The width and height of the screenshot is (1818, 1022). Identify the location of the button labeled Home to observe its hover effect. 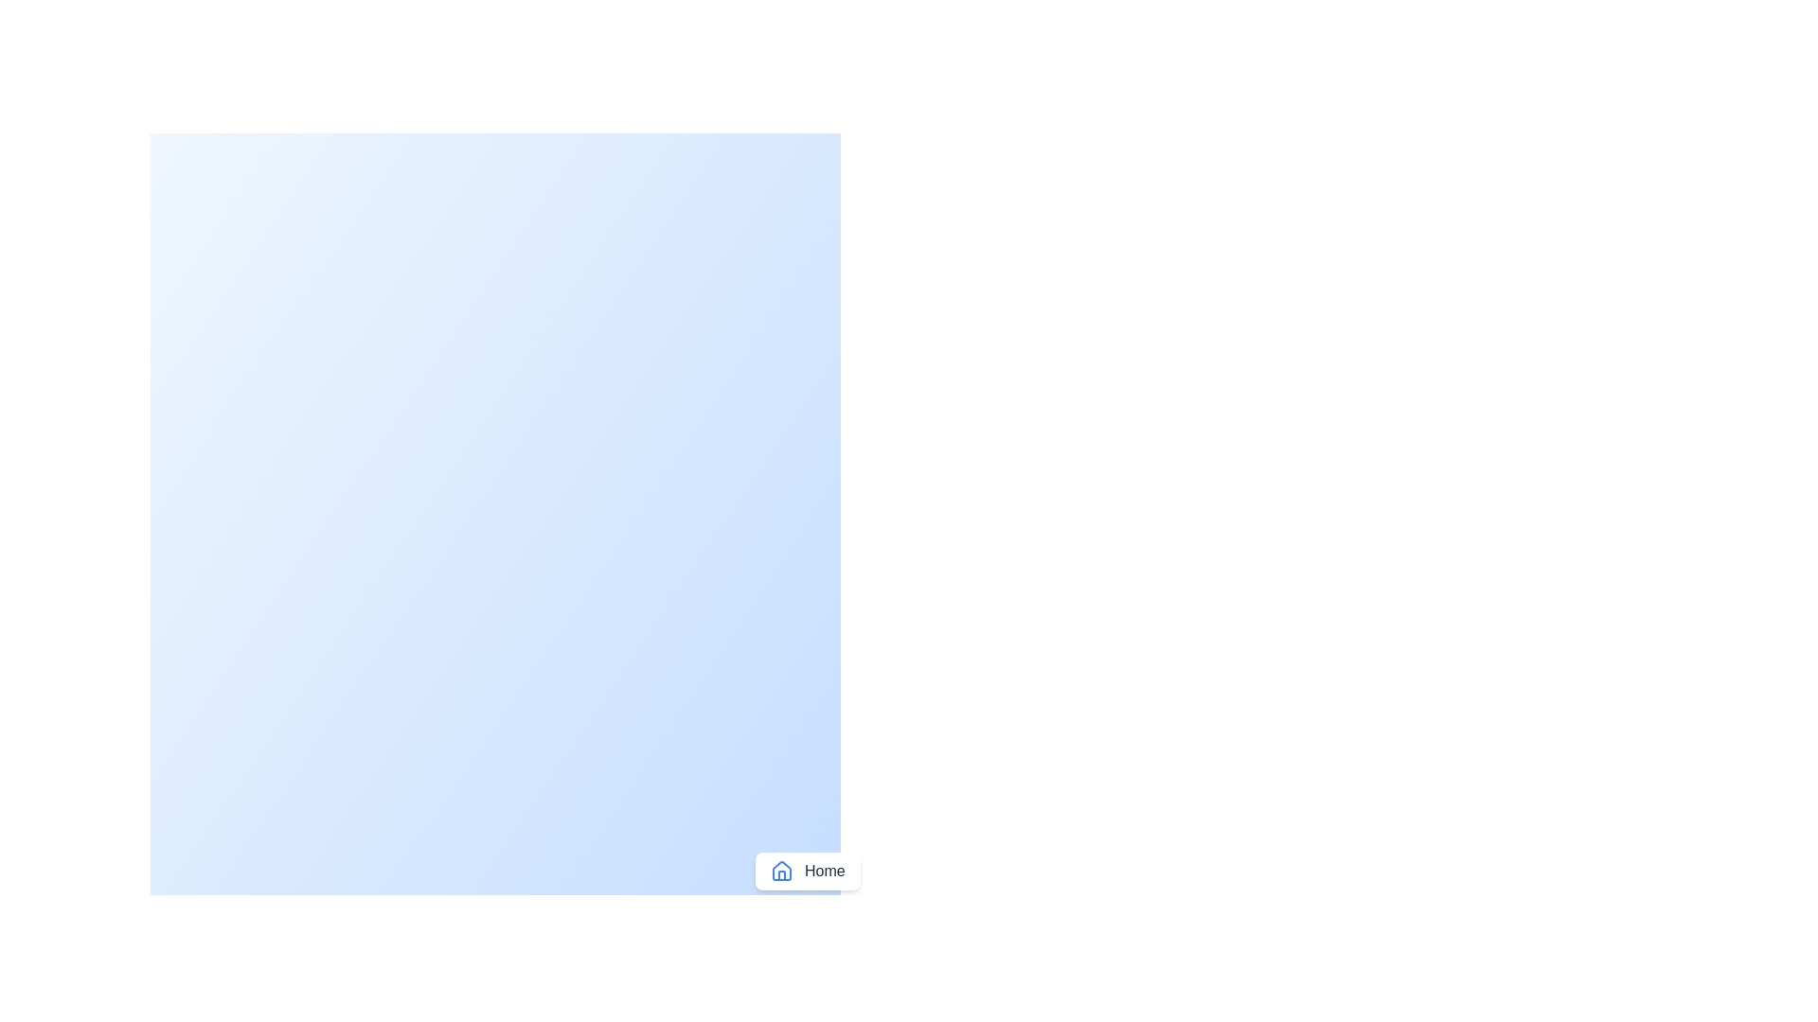
(808, 872).